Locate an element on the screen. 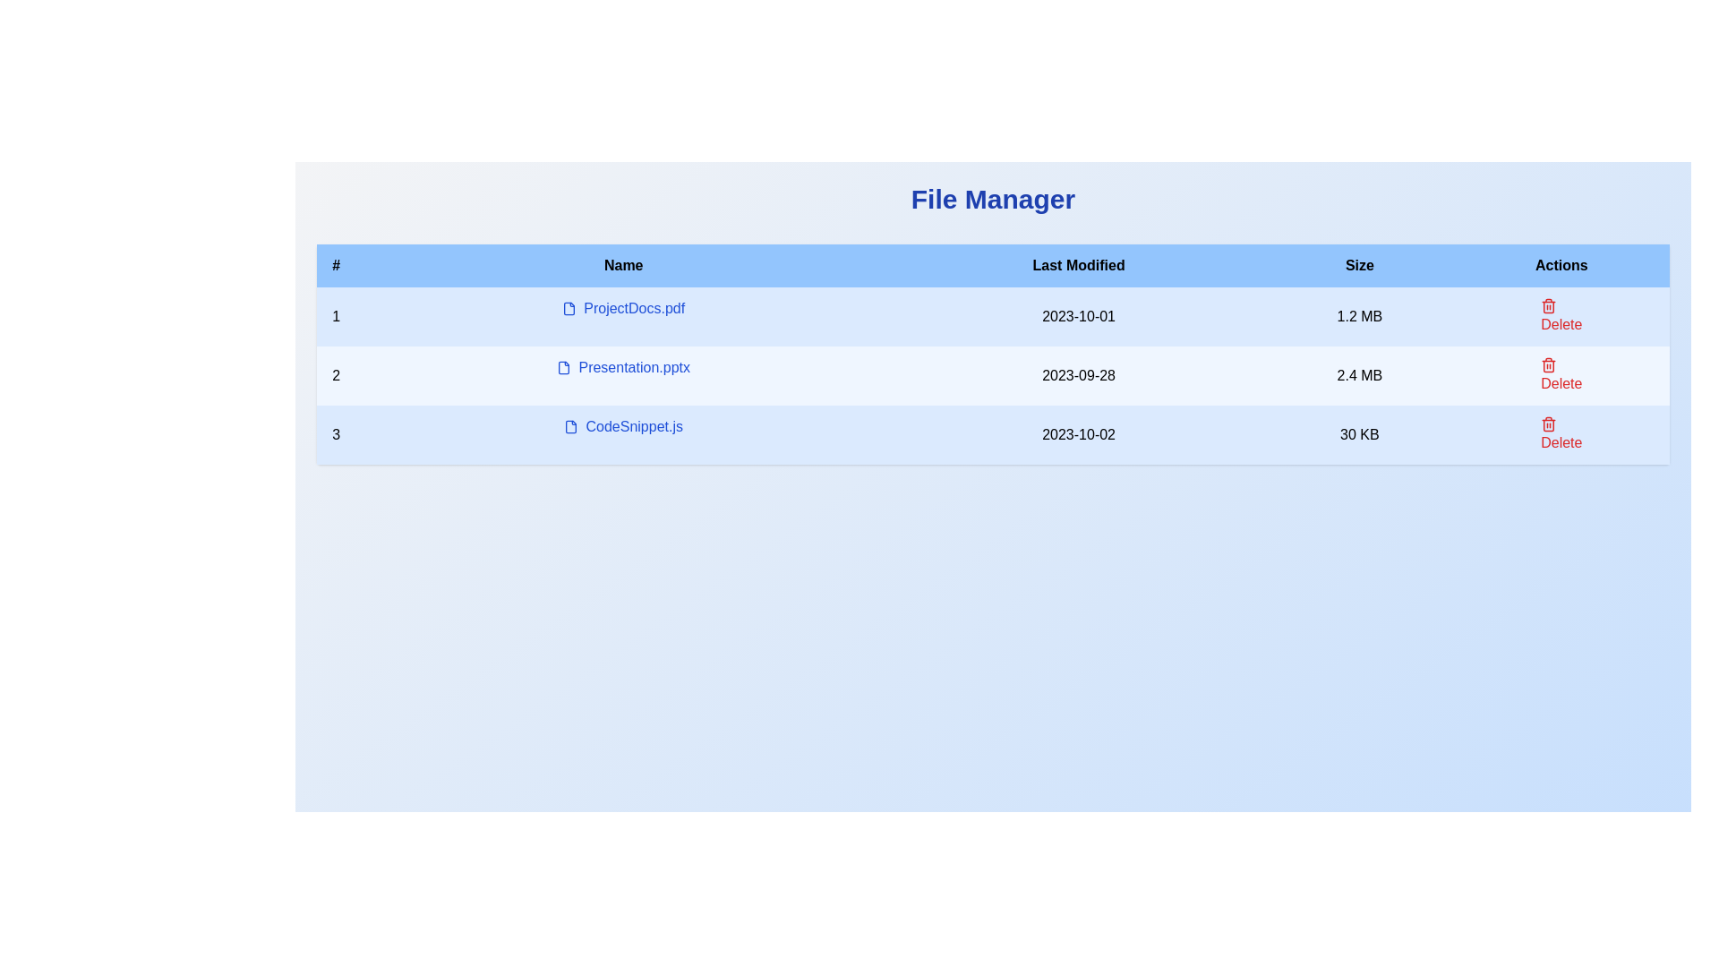 The height and width of the screenshot is (967, 1719). the icon representing the file type or status of the document 'ProjectDocs.pdf', which is located in the first row of the table under the 'Name' column is located at coordinates (569, 307).